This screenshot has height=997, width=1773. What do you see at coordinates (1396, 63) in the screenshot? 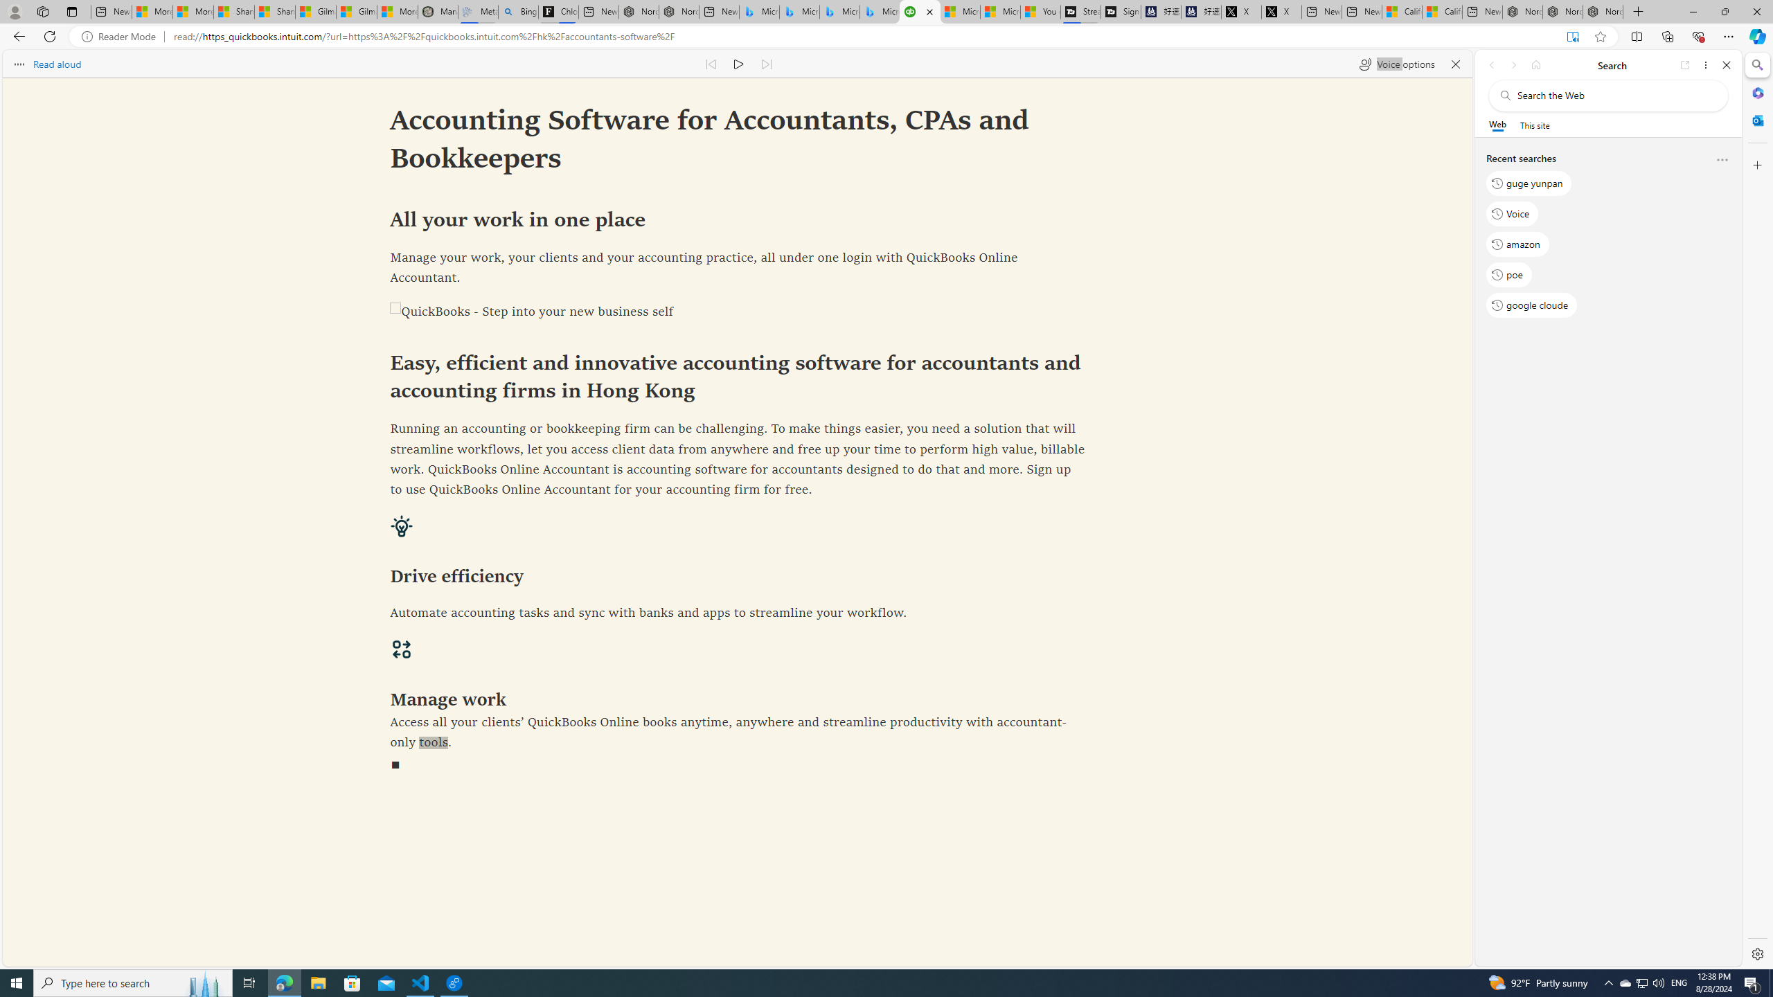
I see `'Voice options'` at bounding box center [1396, 63].